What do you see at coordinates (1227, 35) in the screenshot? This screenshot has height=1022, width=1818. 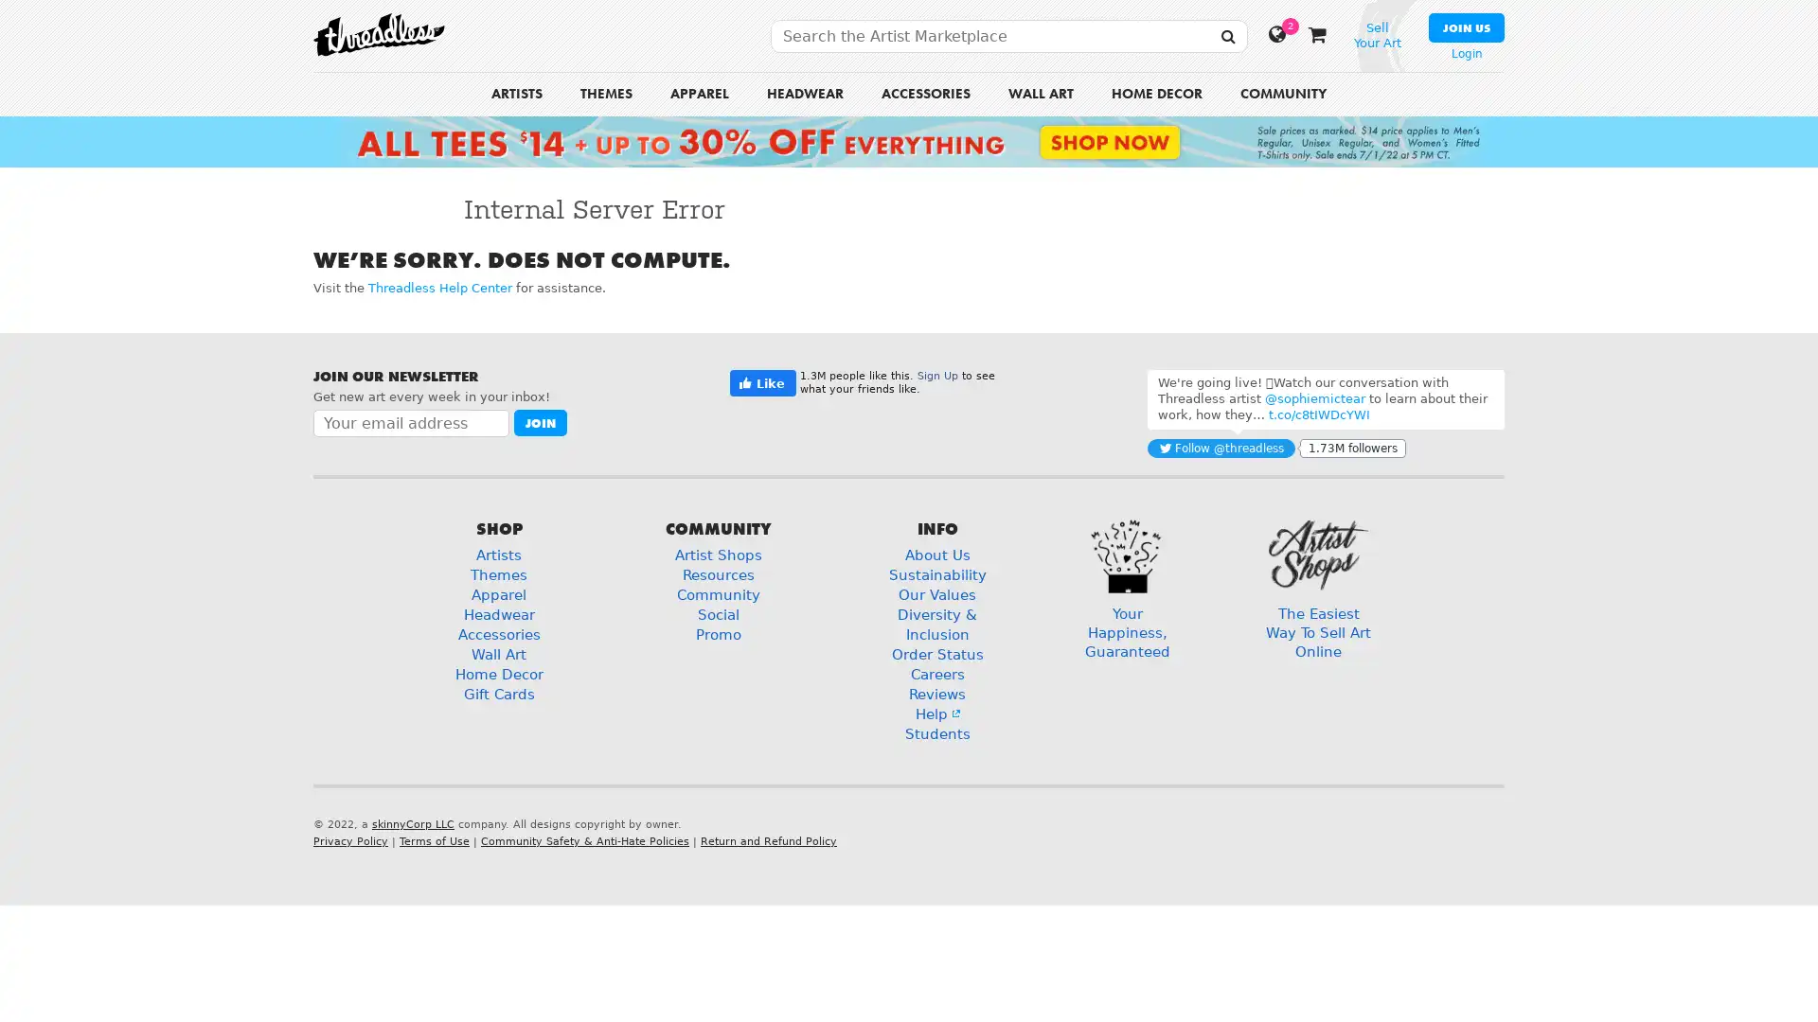 I see `SEARCH THREADLESS` at bounding box center [1227, 35].